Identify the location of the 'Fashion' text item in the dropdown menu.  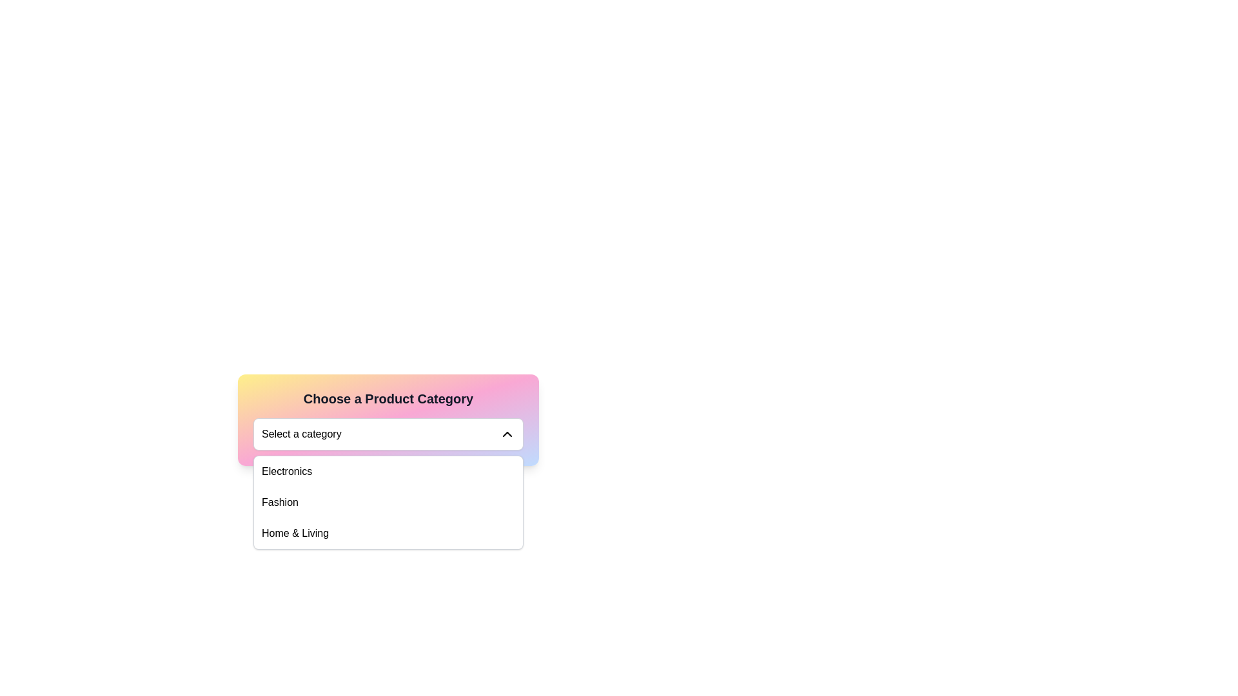
(279, 501).